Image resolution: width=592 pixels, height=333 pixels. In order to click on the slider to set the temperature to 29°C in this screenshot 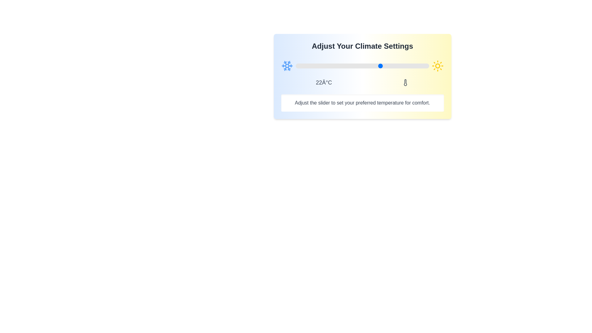, I will do `click(400, 66)`.